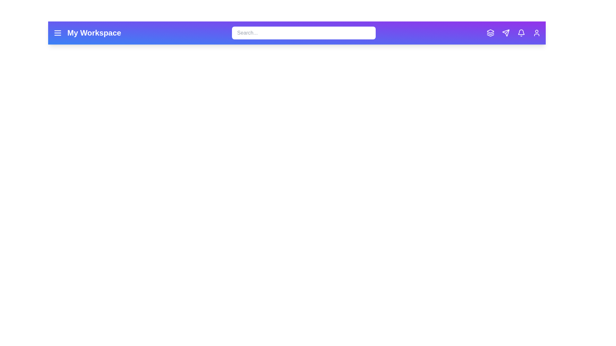 The width and height of the screenshot is (616, 346). Describe the element at coordinates (506, 33) in the screenshot. I see `the navigation icon Messages` at that location.